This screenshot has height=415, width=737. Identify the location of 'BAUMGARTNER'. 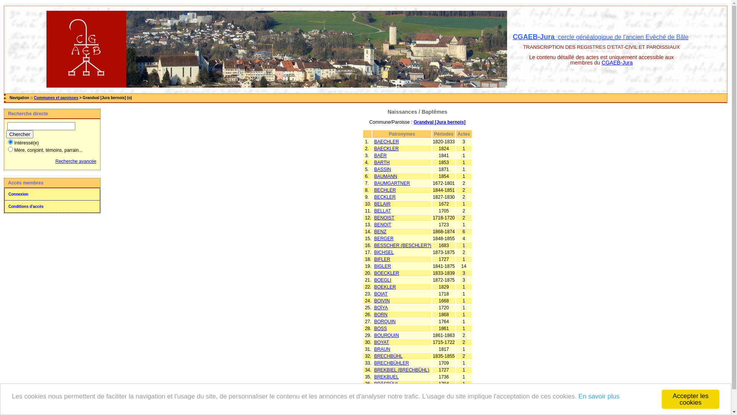
(392, 183).